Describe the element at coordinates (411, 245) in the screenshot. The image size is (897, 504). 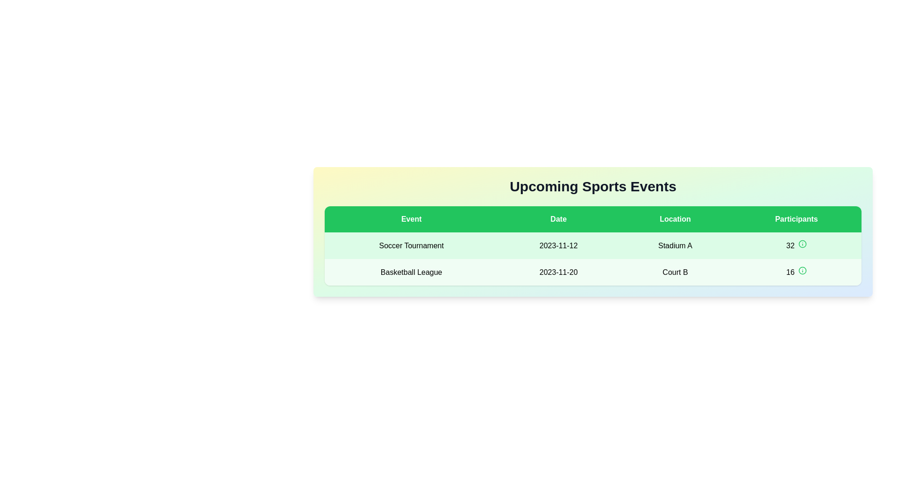
I see `the 'Soccer Tournament' text label in the first column of the event row` at that location.